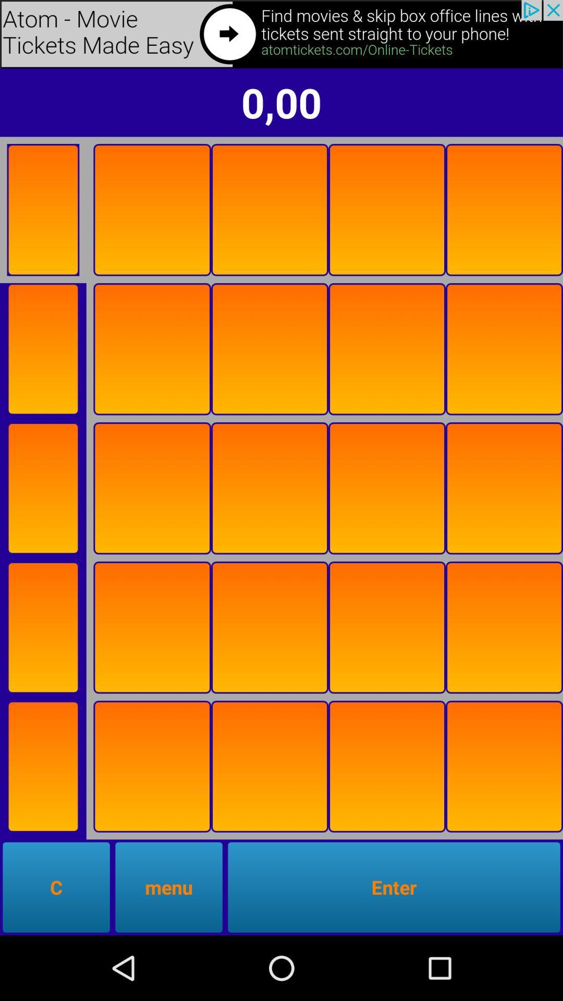  Describe the element at coordinates (281, 34) in the screenshot. I see `atomtickets.com` at that location.